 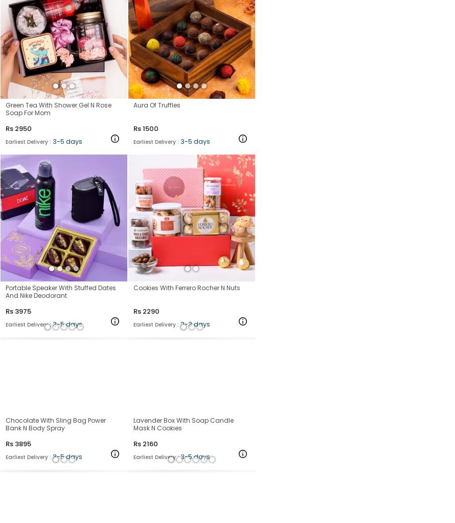 What do you see at coordinates (58, 108) in the screenshot?
I see `'Green Tea With Shower Gel N Rose Soap For Mom'` at bounding box center [58, 108].